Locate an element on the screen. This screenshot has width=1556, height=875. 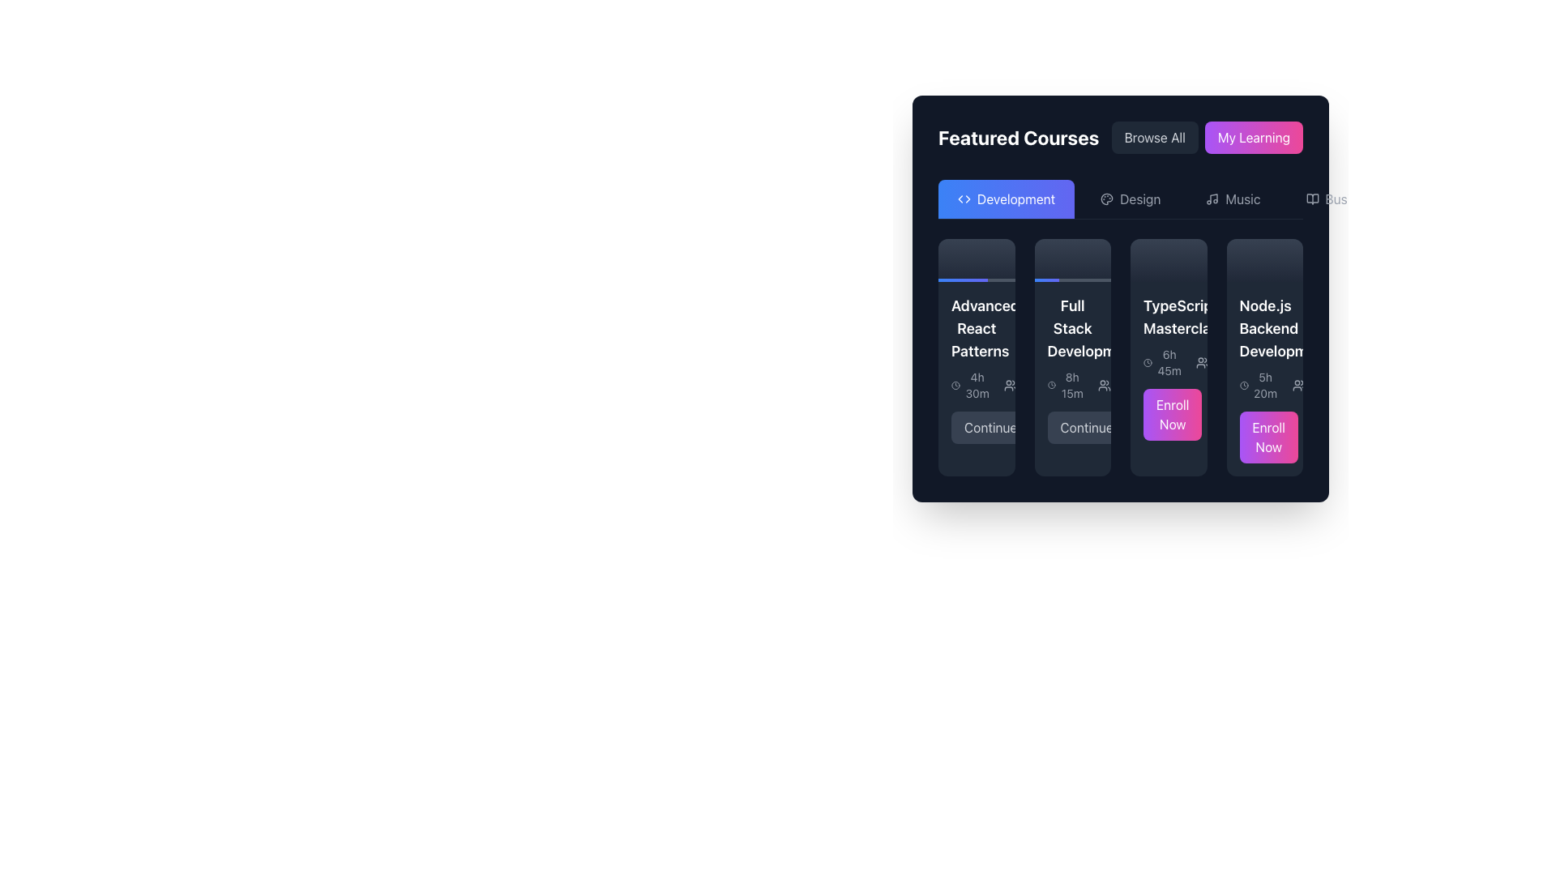
the SVG icon representing a small group of users located to the left of the numeric text '2,156' in the bottom-center area of the card-like interface is located at coordinates (1104, 386).